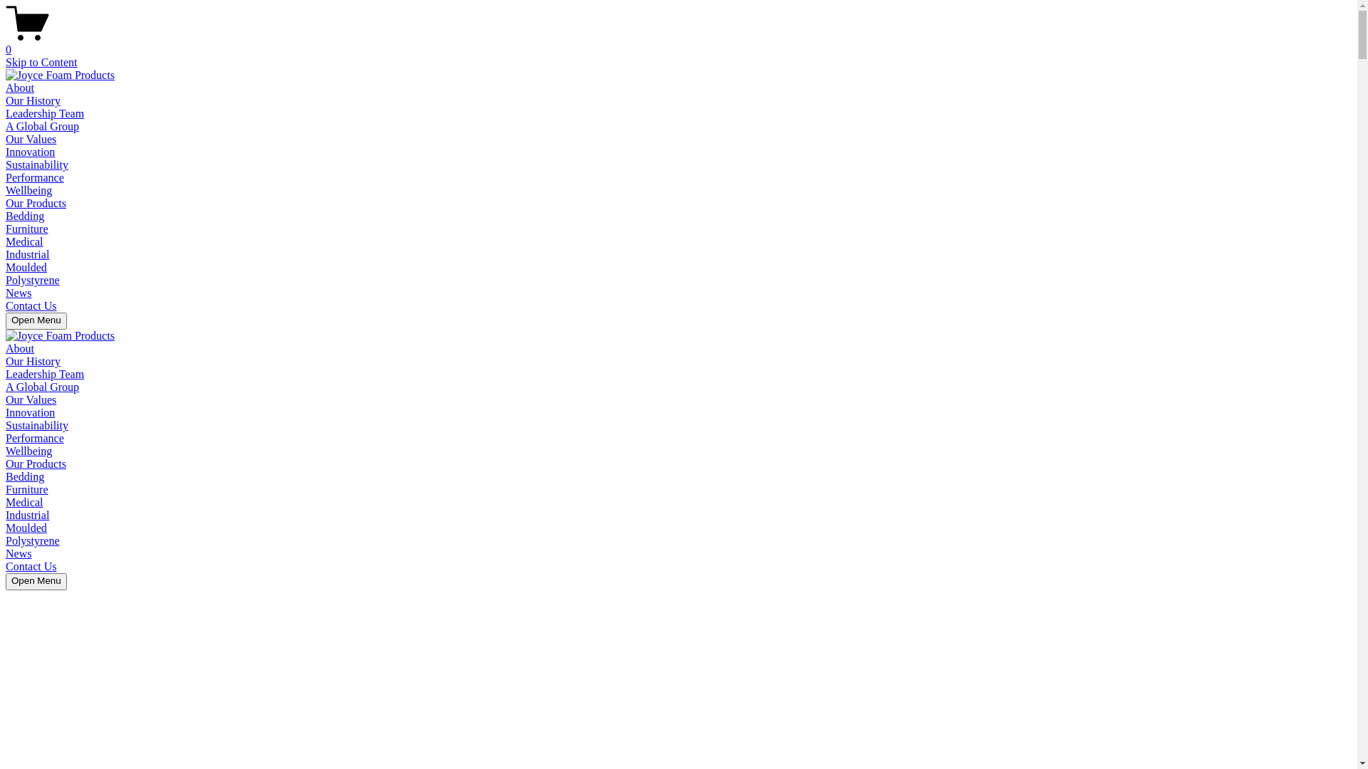 This screenshot has width=1368, height=769. I want to click on 'Our Products', so click(36, 464).